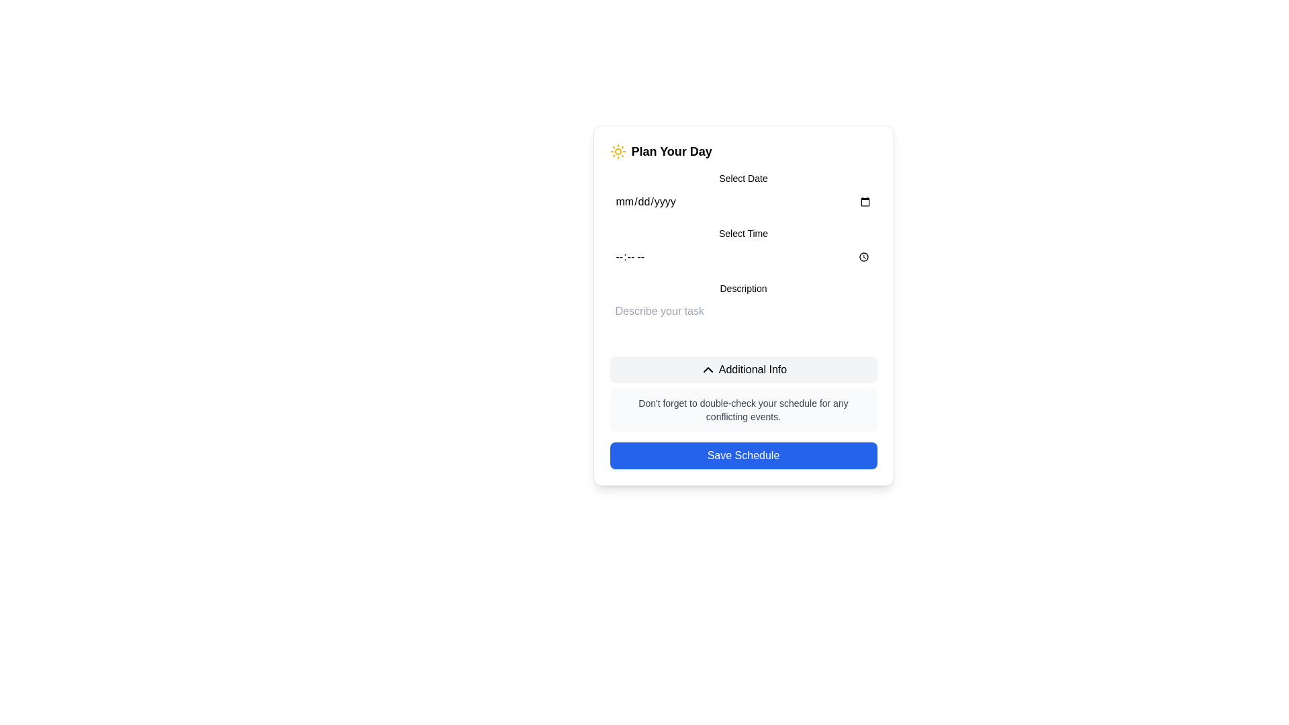 The width and height of the screenshot is (1289, 725). I want to click on the reminder text that instructs users to verify their schedule for conflicting events, located beneath the 'Additional Info' section and above the 'Save Schedule' button, so click(743, 409).